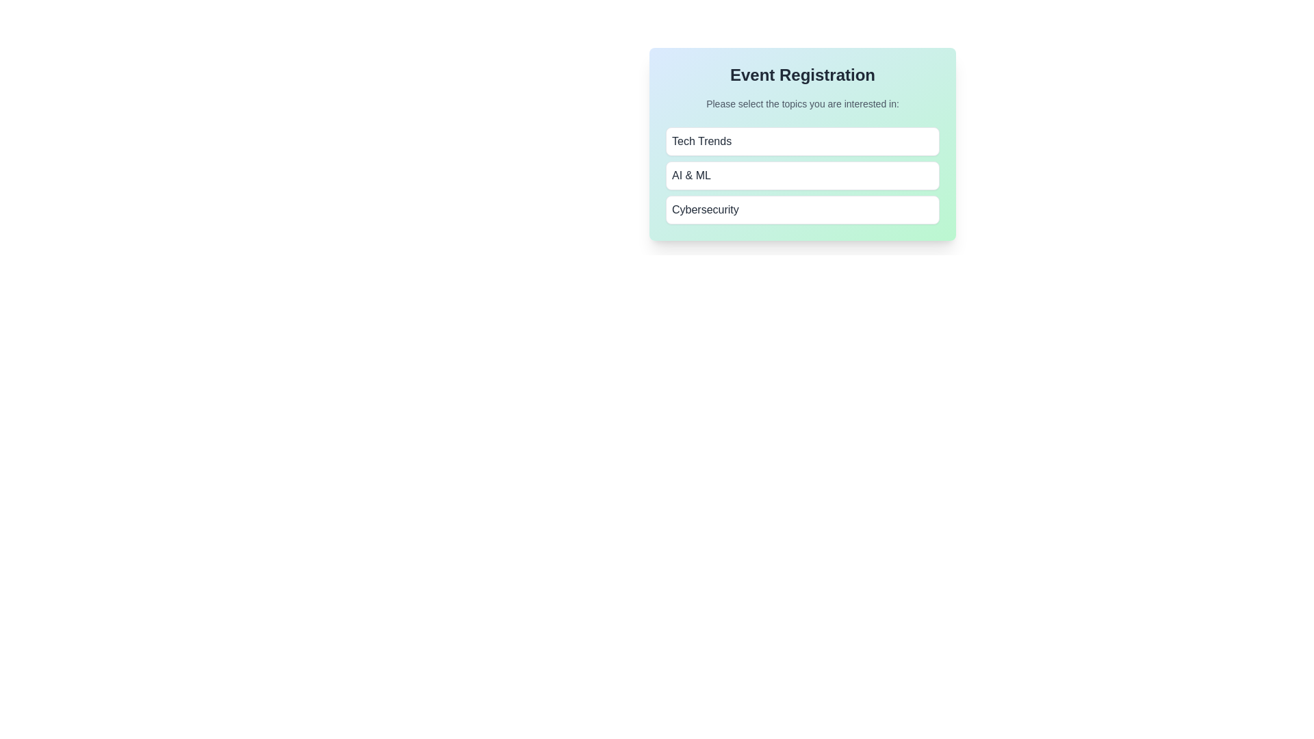 This screenshot has width=1314, height=739. Describe the element at coordinates (802, 210) in the screenshot. I see `the button corresponding to the topic Cybersecurity to toggle its selection` at that location.